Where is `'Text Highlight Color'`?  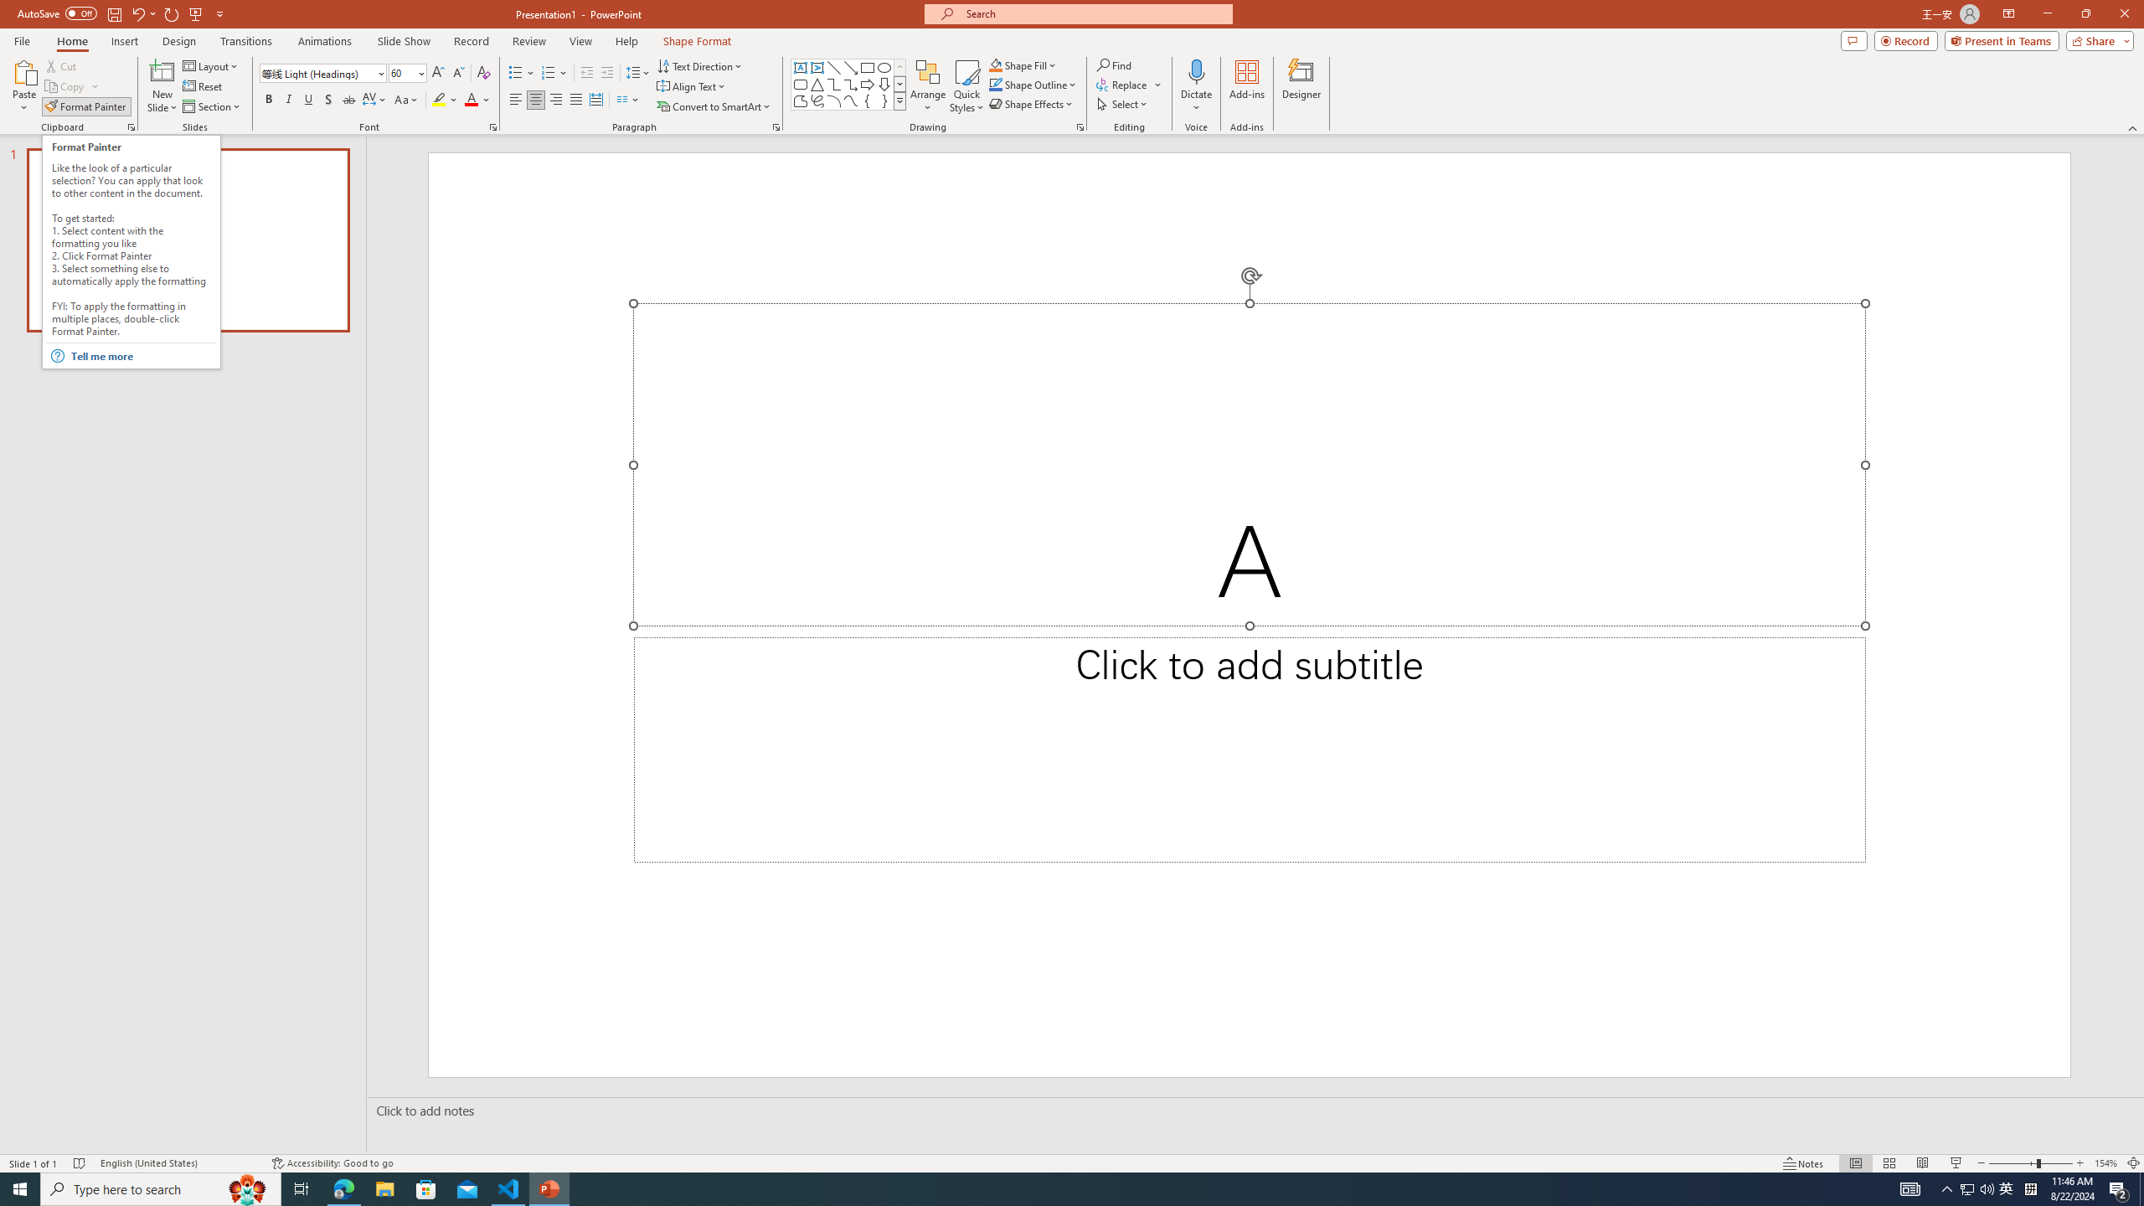 'Text Highlight Color' is located at coordinates (444, 99).